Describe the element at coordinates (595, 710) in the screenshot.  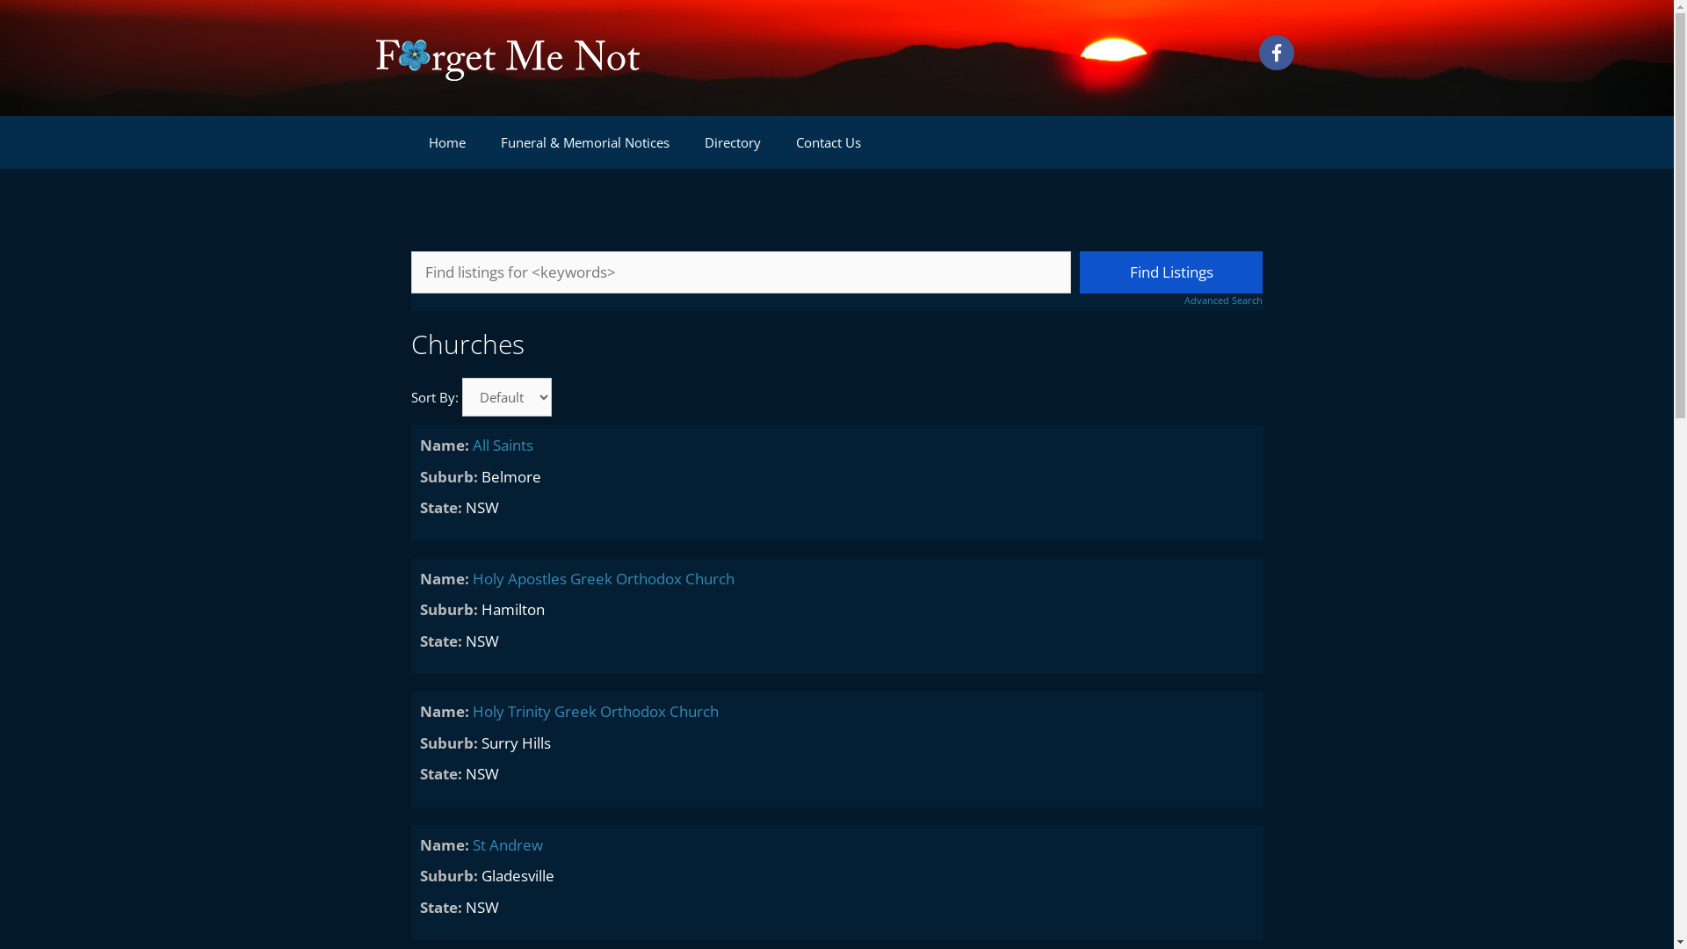
I see `'Holy Trinity Greek Orthodox Church'` at that location.